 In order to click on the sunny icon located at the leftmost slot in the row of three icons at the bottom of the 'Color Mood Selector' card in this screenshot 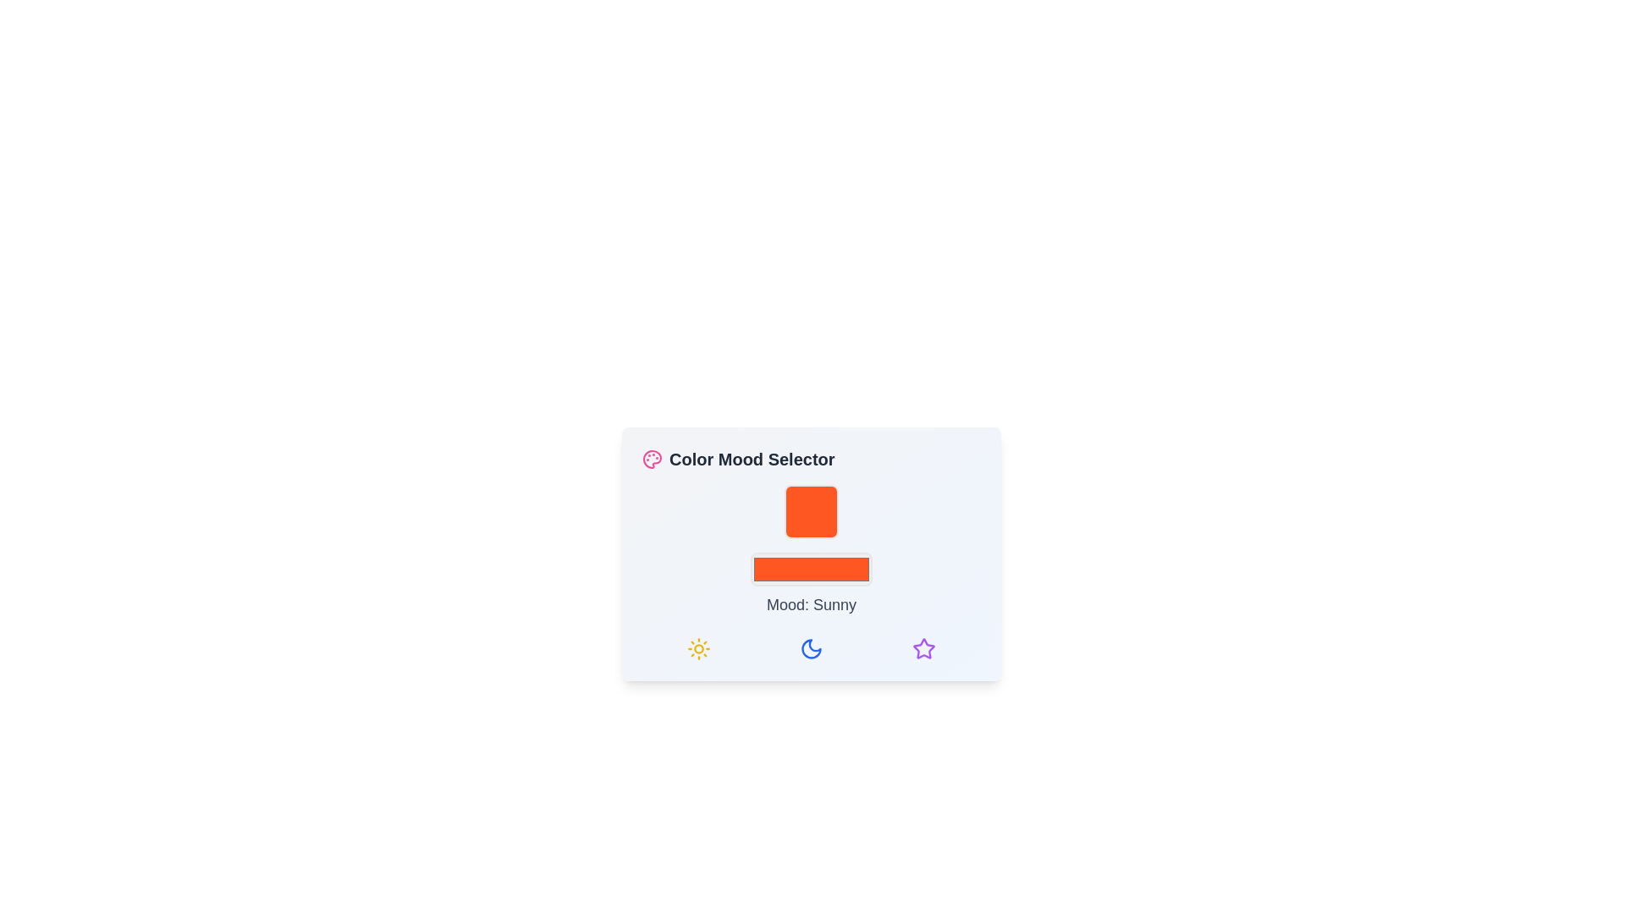, I will do `click(698, 648)`.